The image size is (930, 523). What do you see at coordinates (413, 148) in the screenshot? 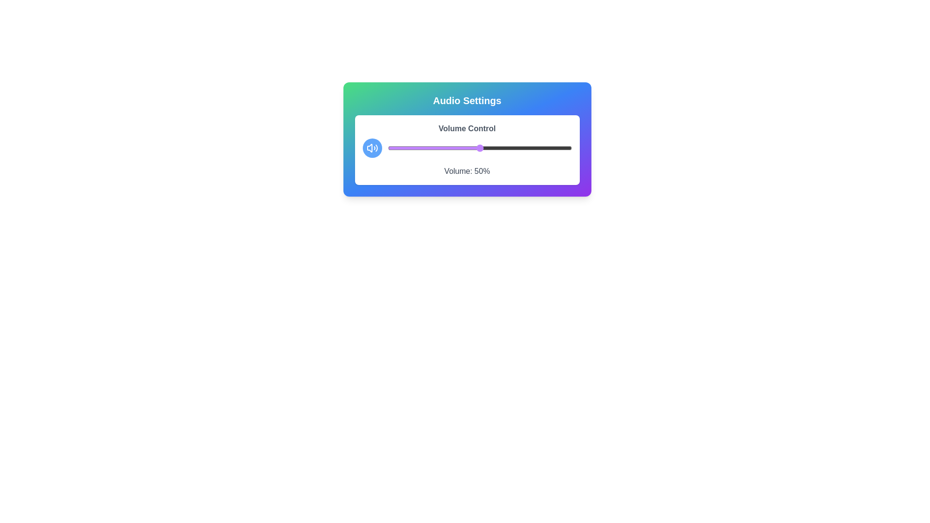
I see `volume` at bounding box center [413, 148].